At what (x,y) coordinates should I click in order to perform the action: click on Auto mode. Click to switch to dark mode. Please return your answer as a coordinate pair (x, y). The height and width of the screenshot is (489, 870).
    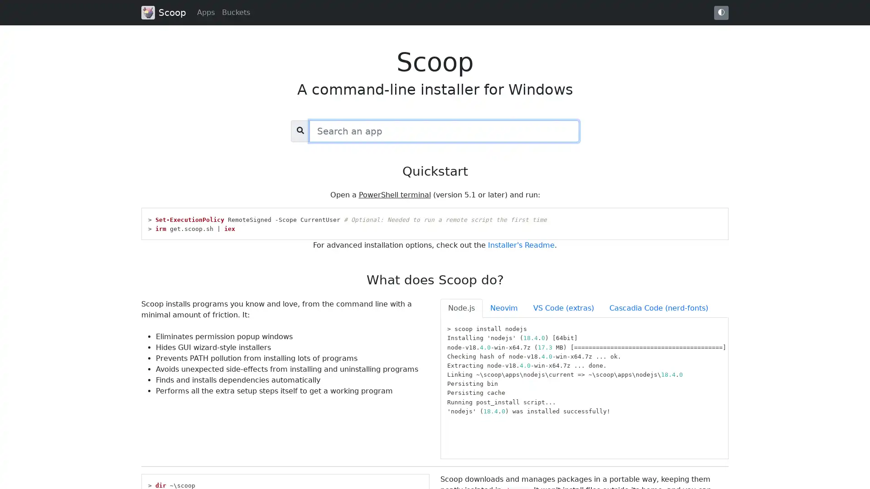
    Looking at the image, I should click on (721, 12).